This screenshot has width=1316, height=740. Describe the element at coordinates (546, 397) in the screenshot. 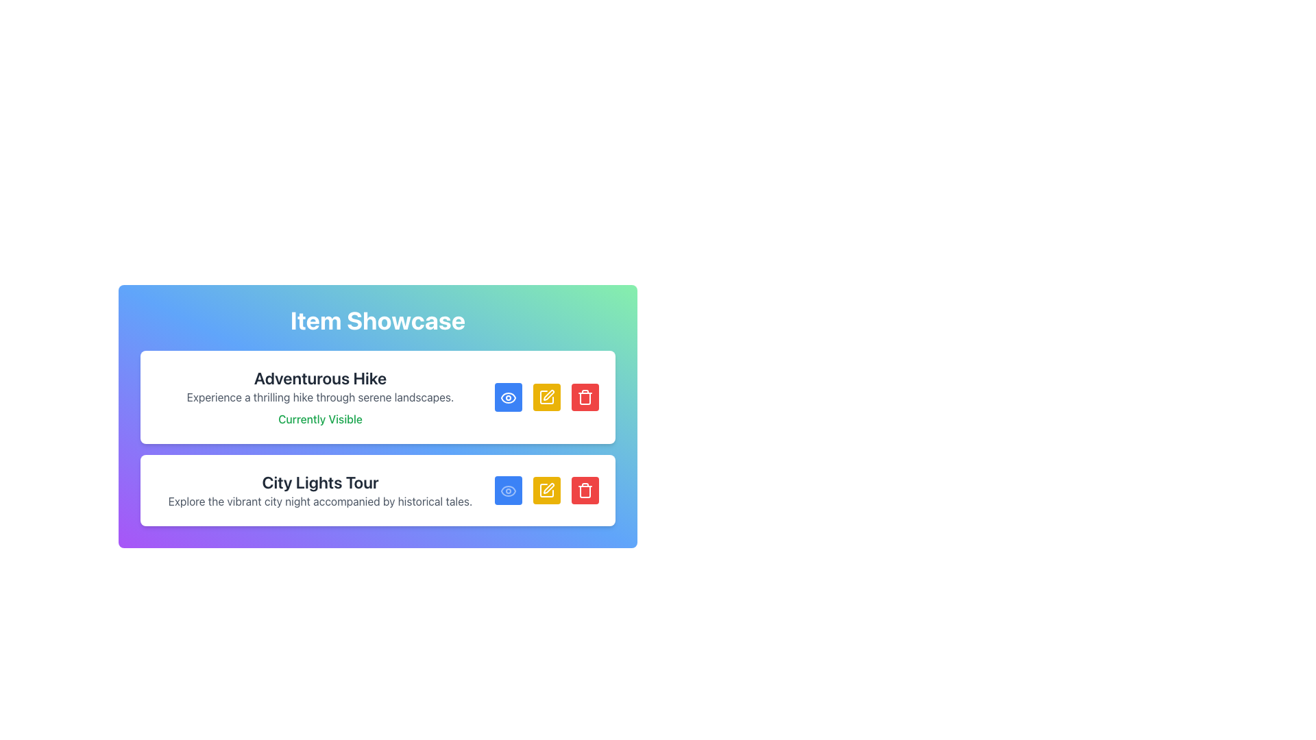

I see `the small square button with a yellow background and a white pencil icon, located above the 'City Lights Tour' elements and to the right of 'Adventurous Hike'` at that location.